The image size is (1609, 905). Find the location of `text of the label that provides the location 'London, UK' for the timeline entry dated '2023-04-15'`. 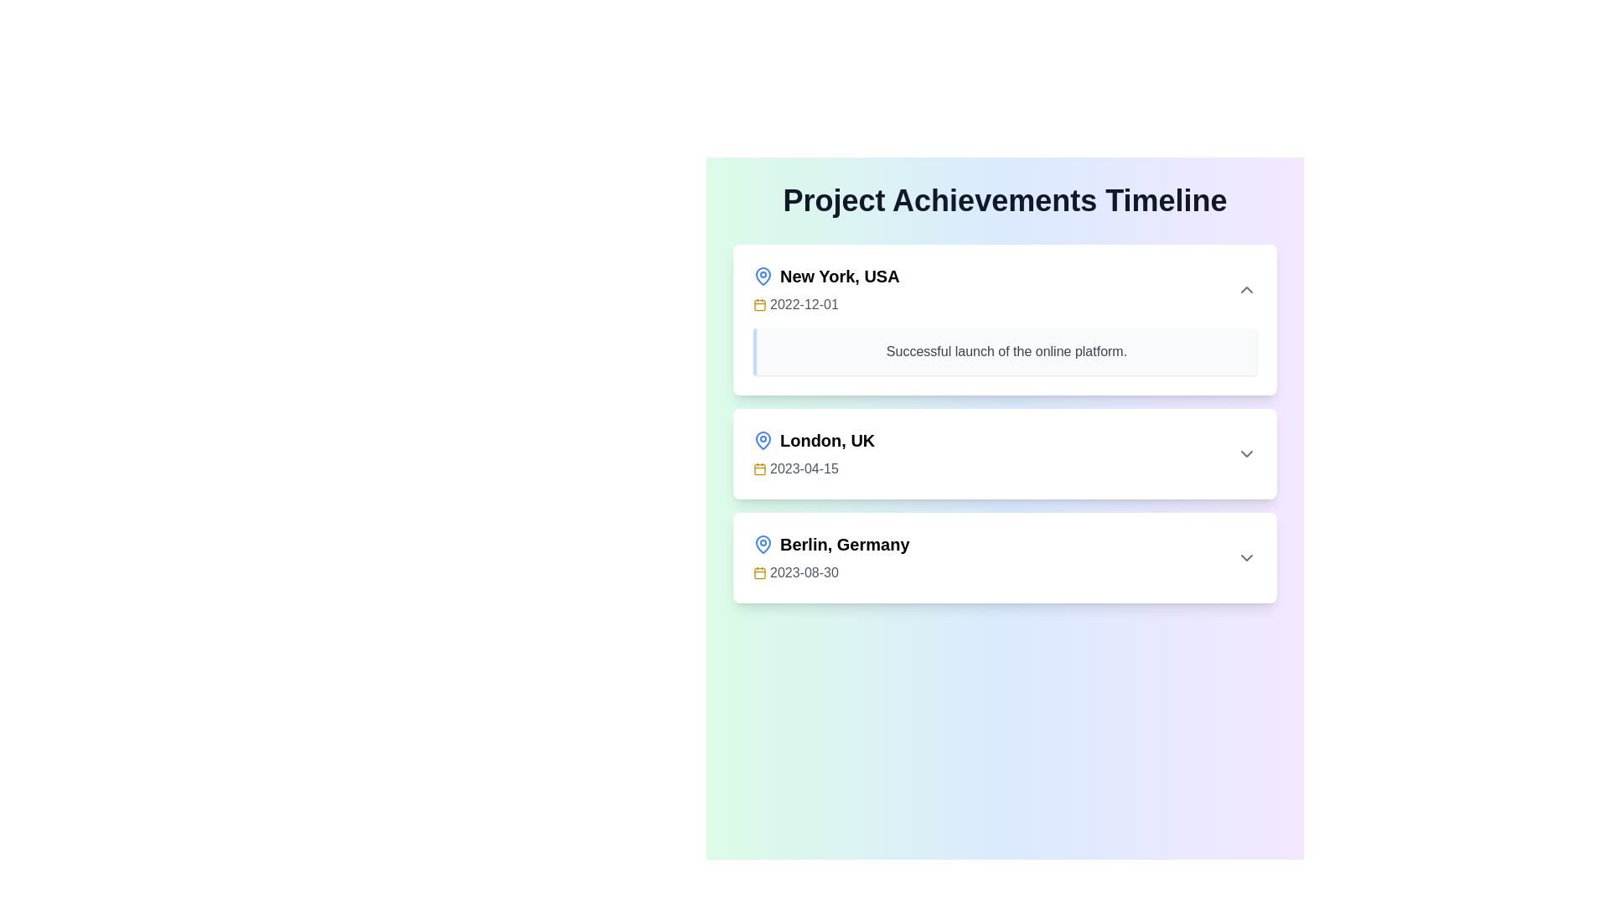

text of the label that provides the location 'London, UK' for the timeline entry dated '2023-04-15' is located at coordinates (814, 439).